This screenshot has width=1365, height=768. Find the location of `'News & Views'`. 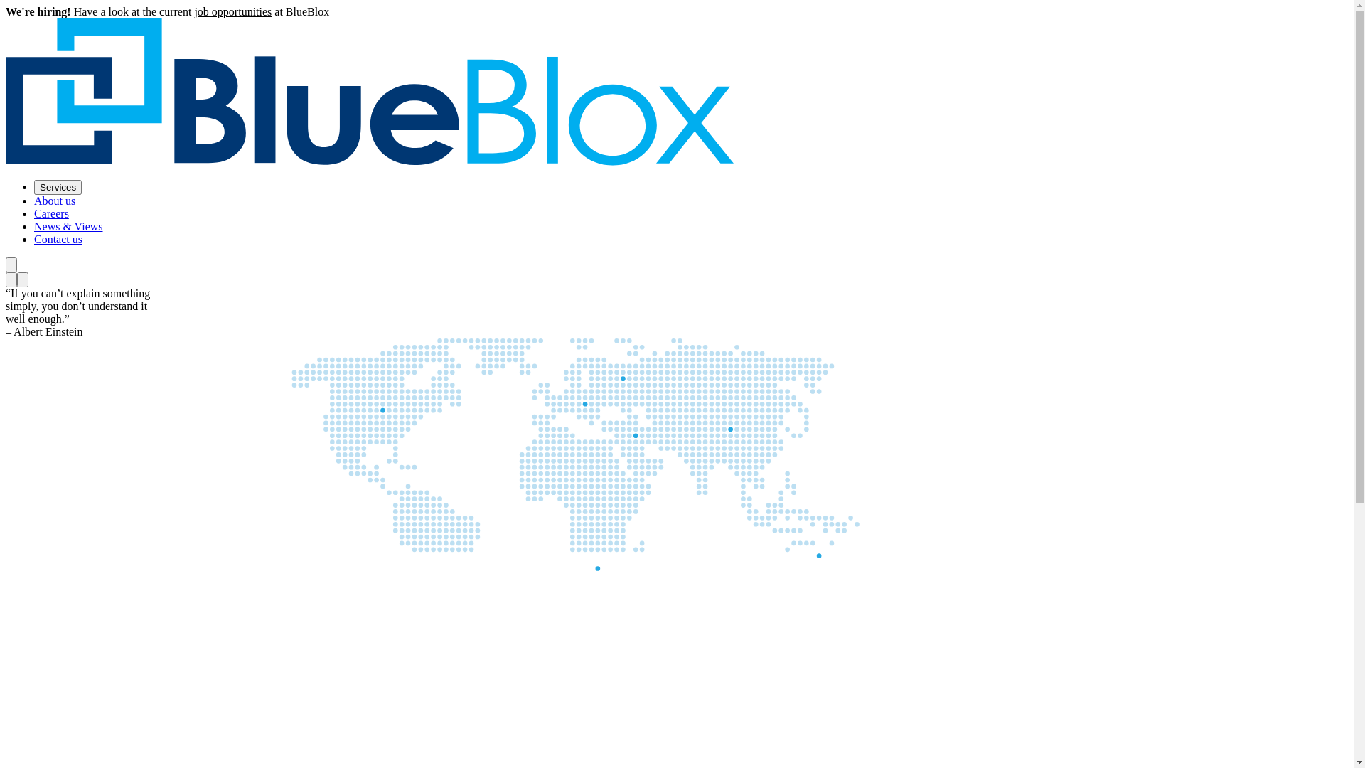

'News & Views' is located at coordinates (68, 225).